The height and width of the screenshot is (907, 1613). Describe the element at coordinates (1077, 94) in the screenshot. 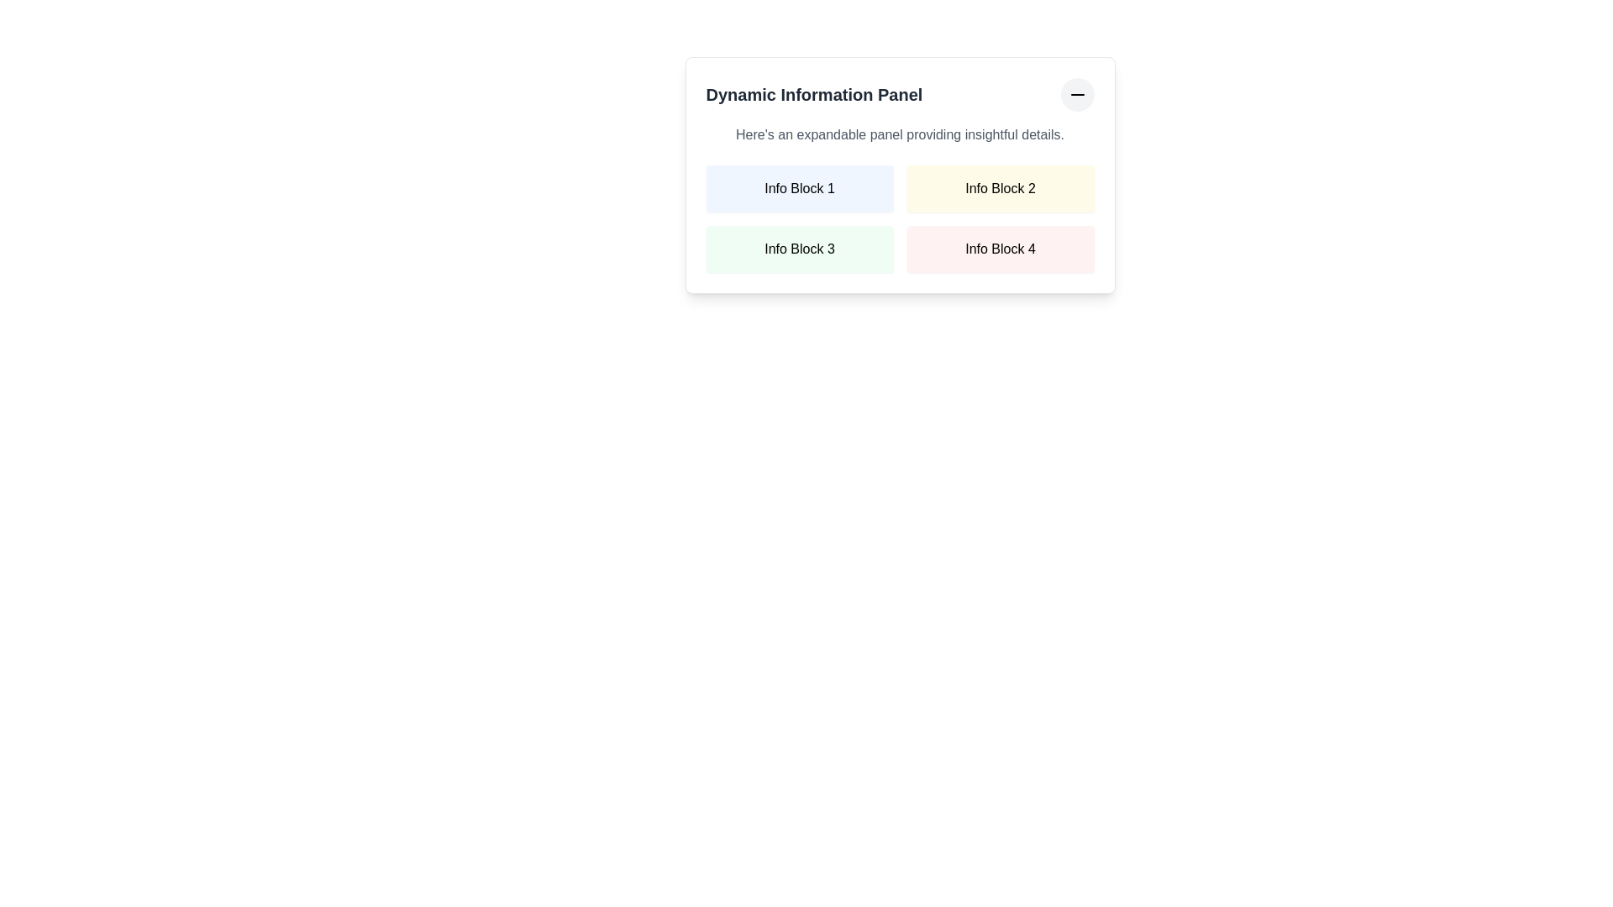

I see `the collapse button located on the rightmost side of the header section of the 'Dynamic Information Panel' to minimize its content` at that location.